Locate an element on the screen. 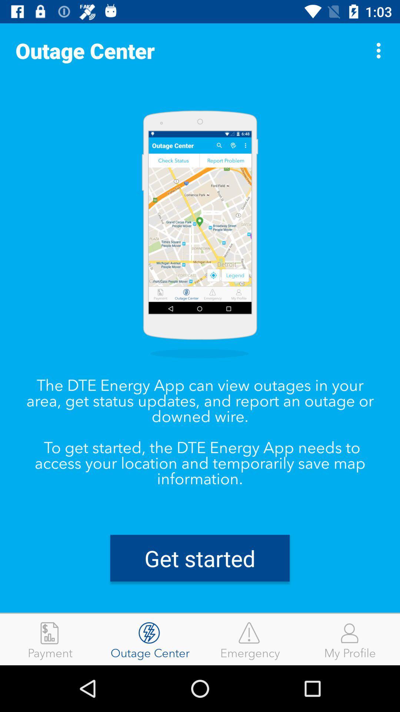 The height and width of the screenshot is (712, 400). the my profile icon is located at coordinates (350, 639).